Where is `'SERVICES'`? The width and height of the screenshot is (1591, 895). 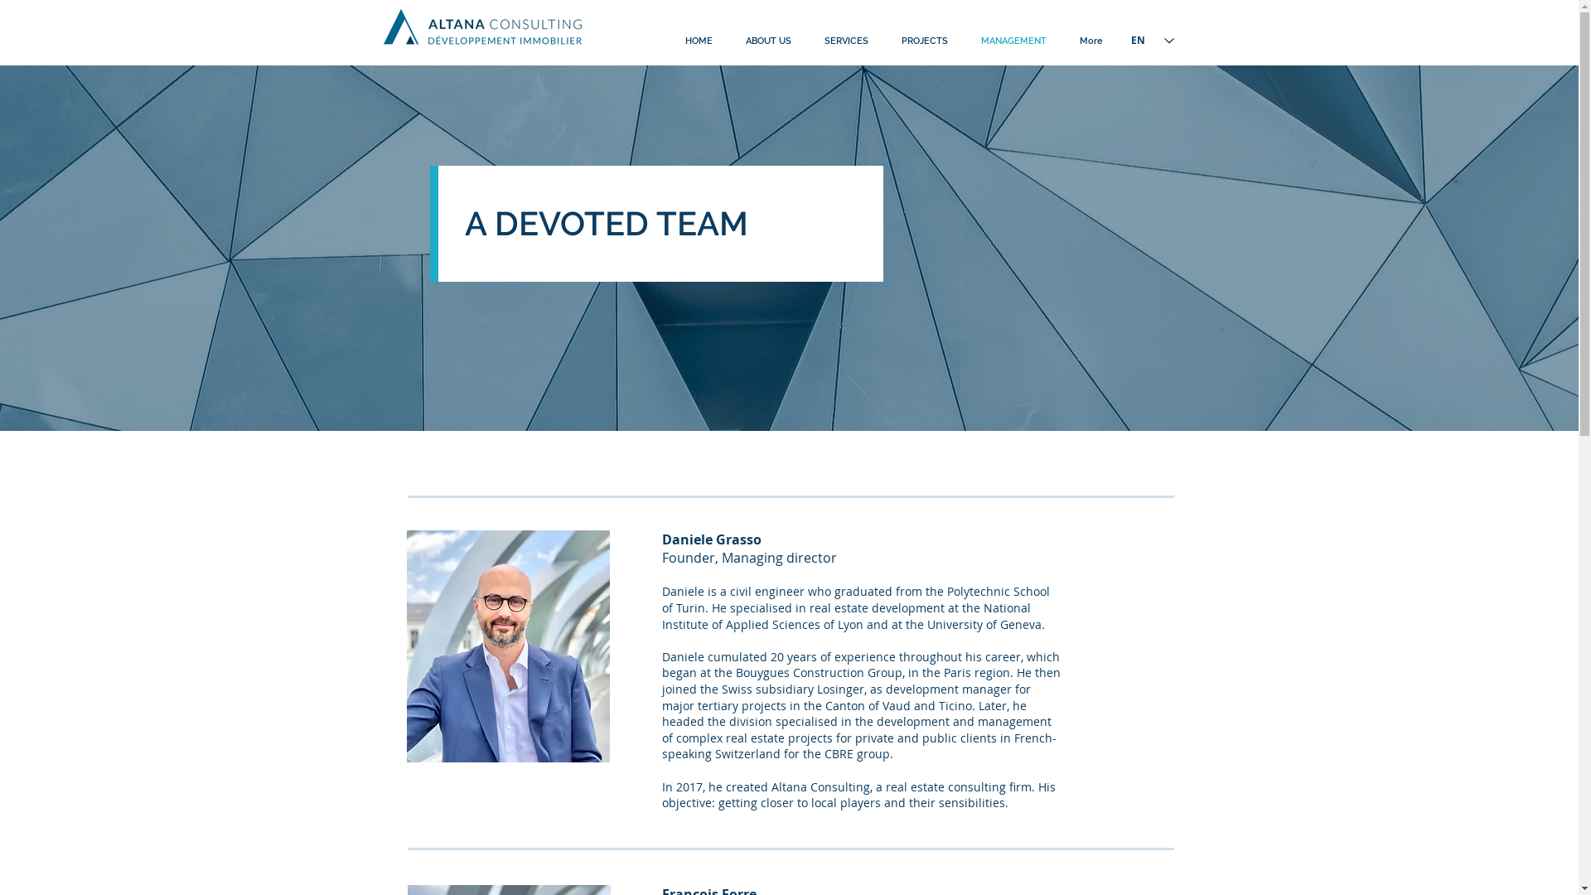
'SERVICES' is located at coordinates (845, 41).